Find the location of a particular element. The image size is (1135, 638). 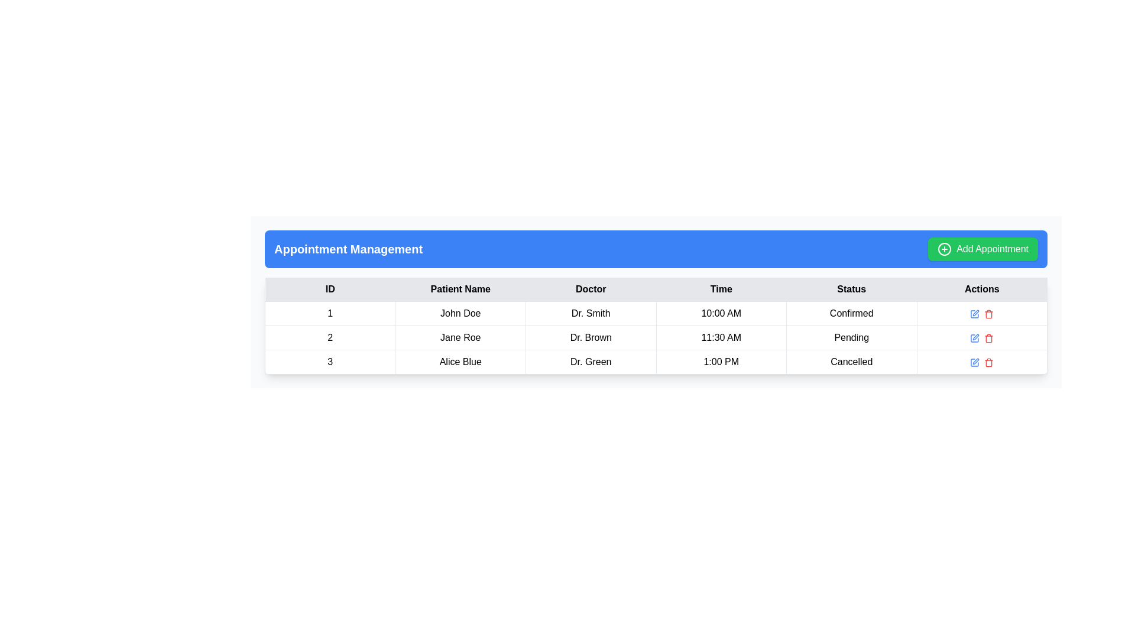

the Text element representing the identifier in the first row and first column of the table, which is associated with an appointment record is located at coordinates (330, 313).